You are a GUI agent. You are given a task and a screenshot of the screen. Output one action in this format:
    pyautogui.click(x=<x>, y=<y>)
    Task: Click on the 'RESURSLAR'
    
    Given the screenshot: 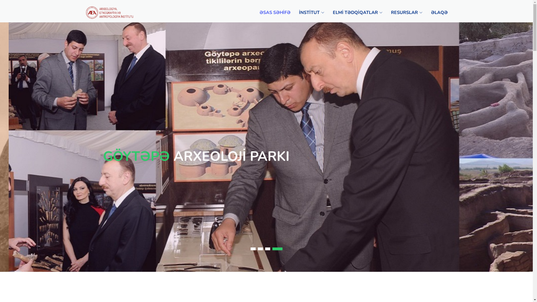 What is the action you would take?
    pyautogui.click(x=382, y=13)
    